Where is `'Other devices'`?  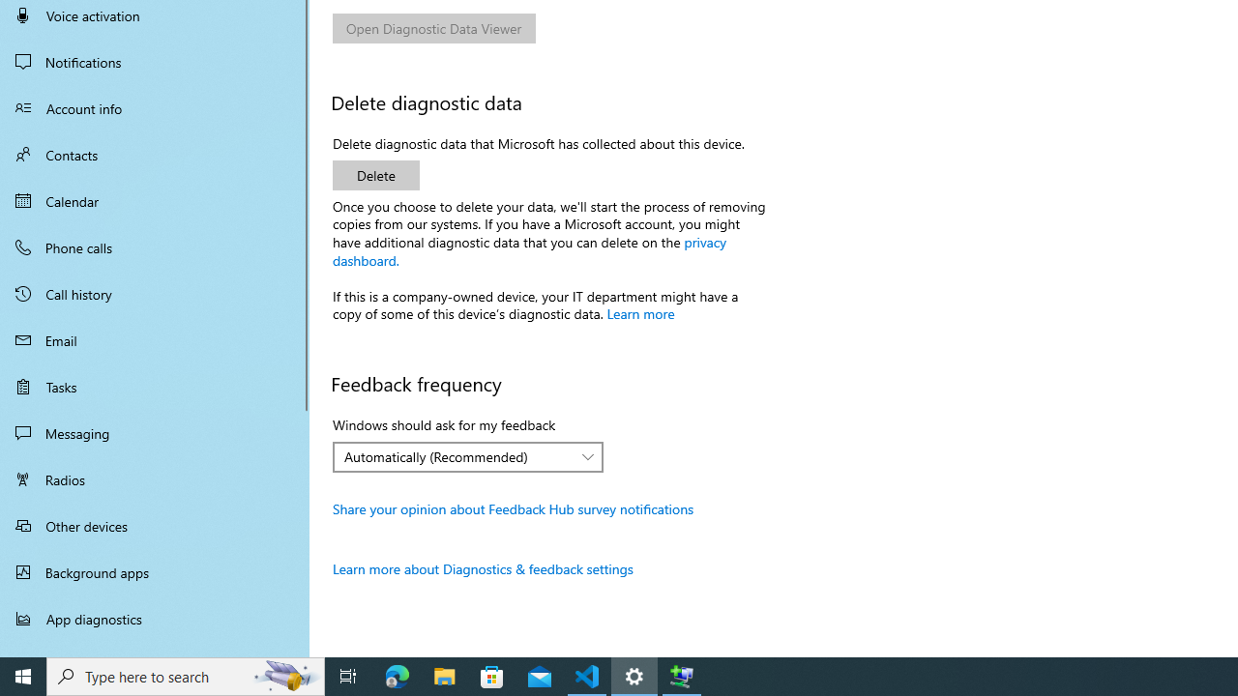 'Other devices' is located at coordinates (155, 525).